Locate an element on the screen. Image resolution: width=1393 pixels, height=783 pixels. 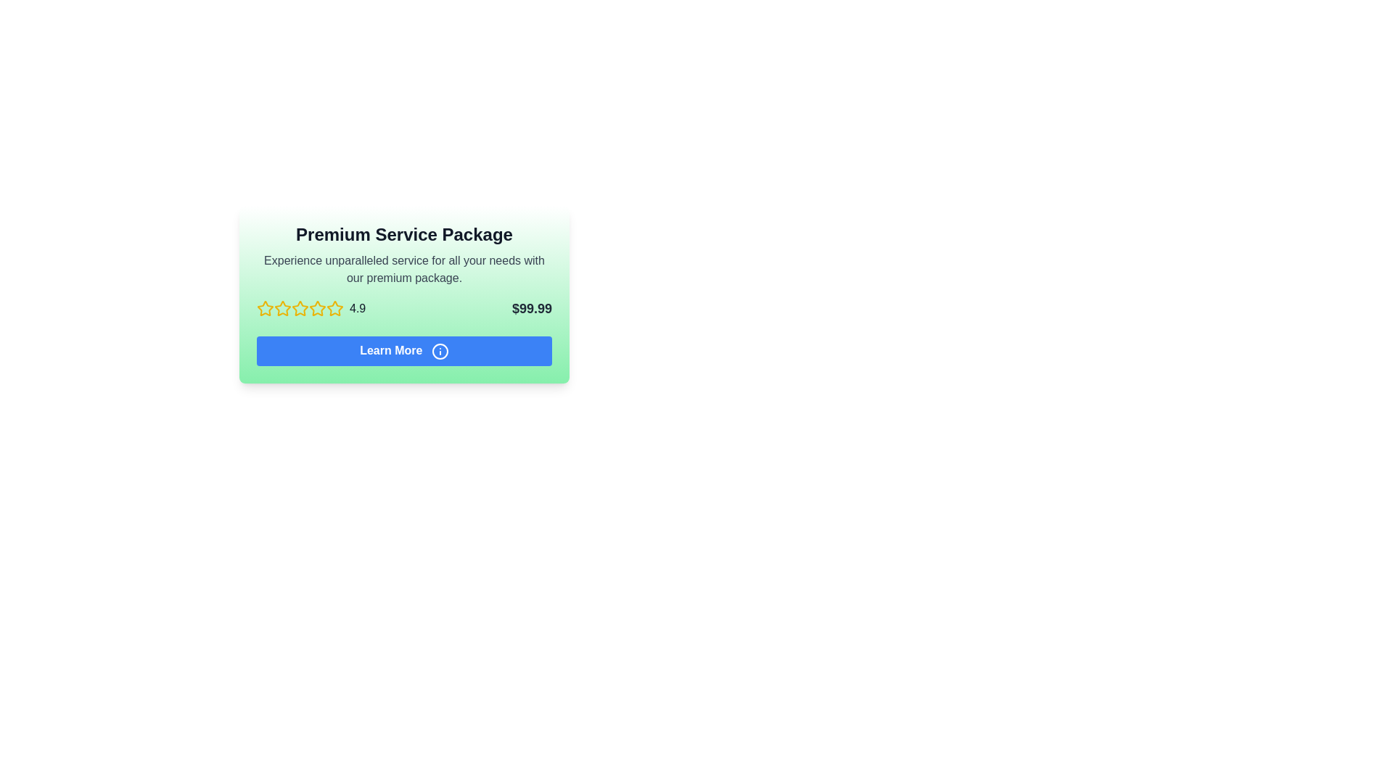
the star icons in the Rating display component located under the 'Premium Service Package' heading is located at coordinates (311, 307).